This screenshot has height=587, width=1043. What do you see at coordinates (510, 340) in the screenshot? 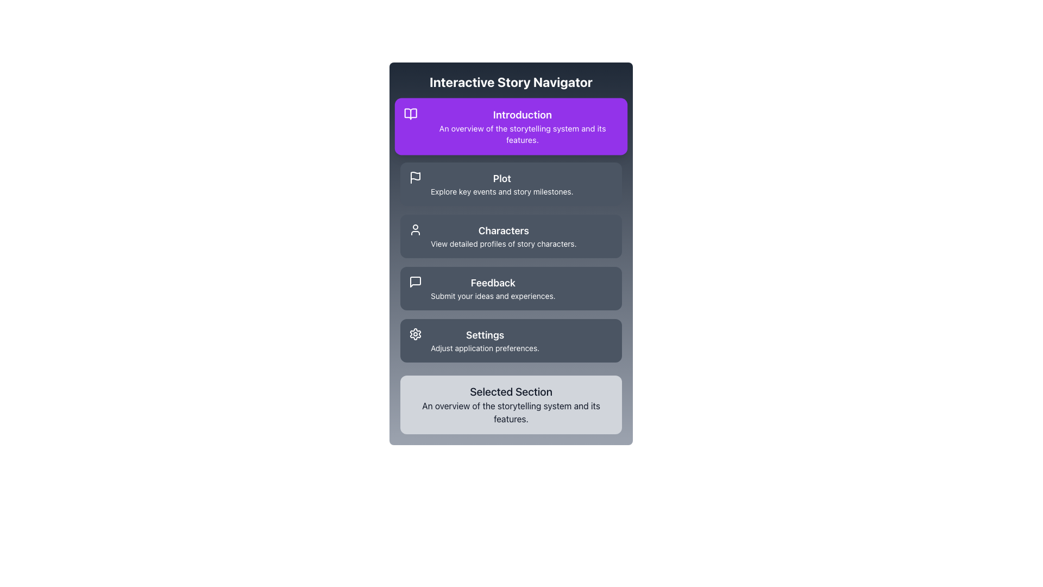
I see `the 'Settings' button` at bounding box center [510, 340].